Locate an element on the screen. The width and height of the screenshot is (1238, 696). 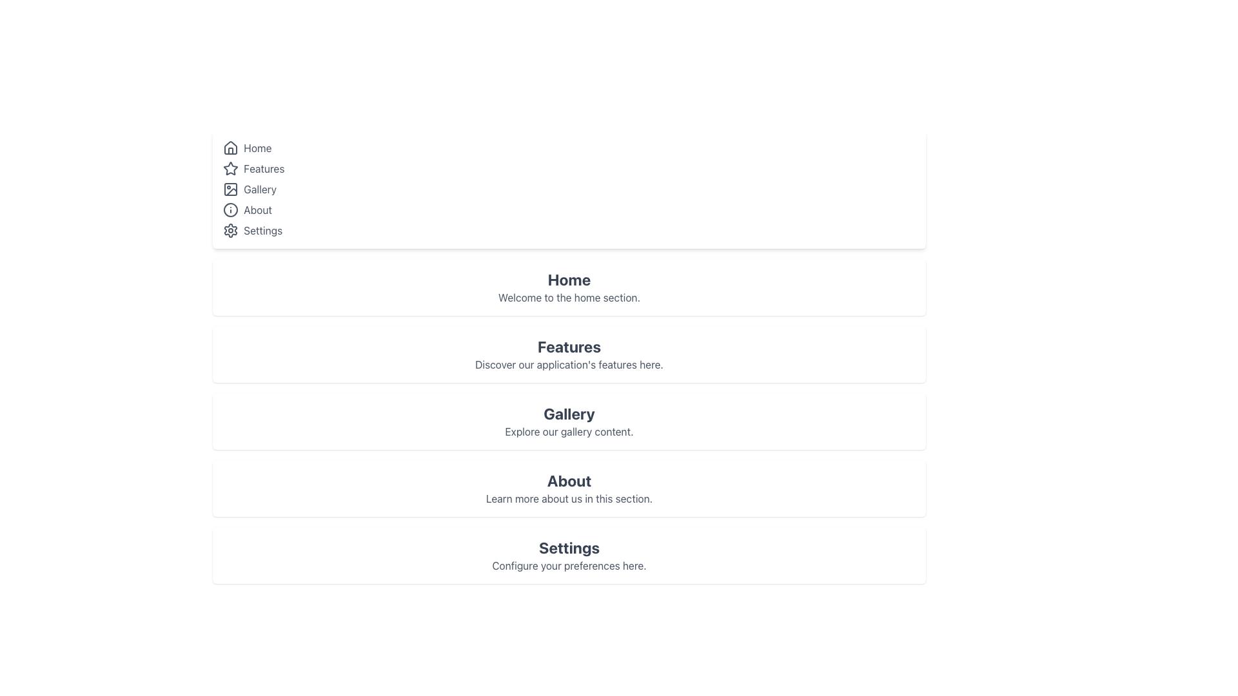
the Text Label element that says 'Learn more about us in this section.' which is styled in medium gray and located below the heading 'About' is located at coordinates (569, 498).